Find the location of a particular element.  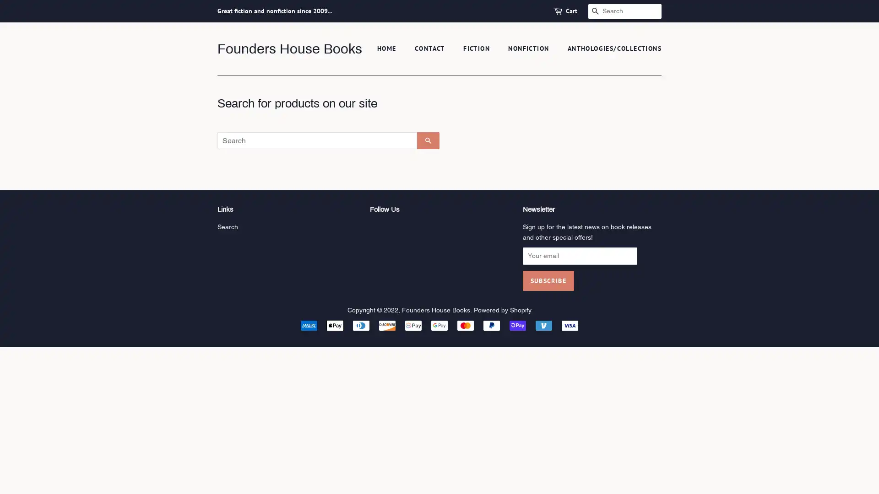

Subscribe is located at coordinates (548, 280).